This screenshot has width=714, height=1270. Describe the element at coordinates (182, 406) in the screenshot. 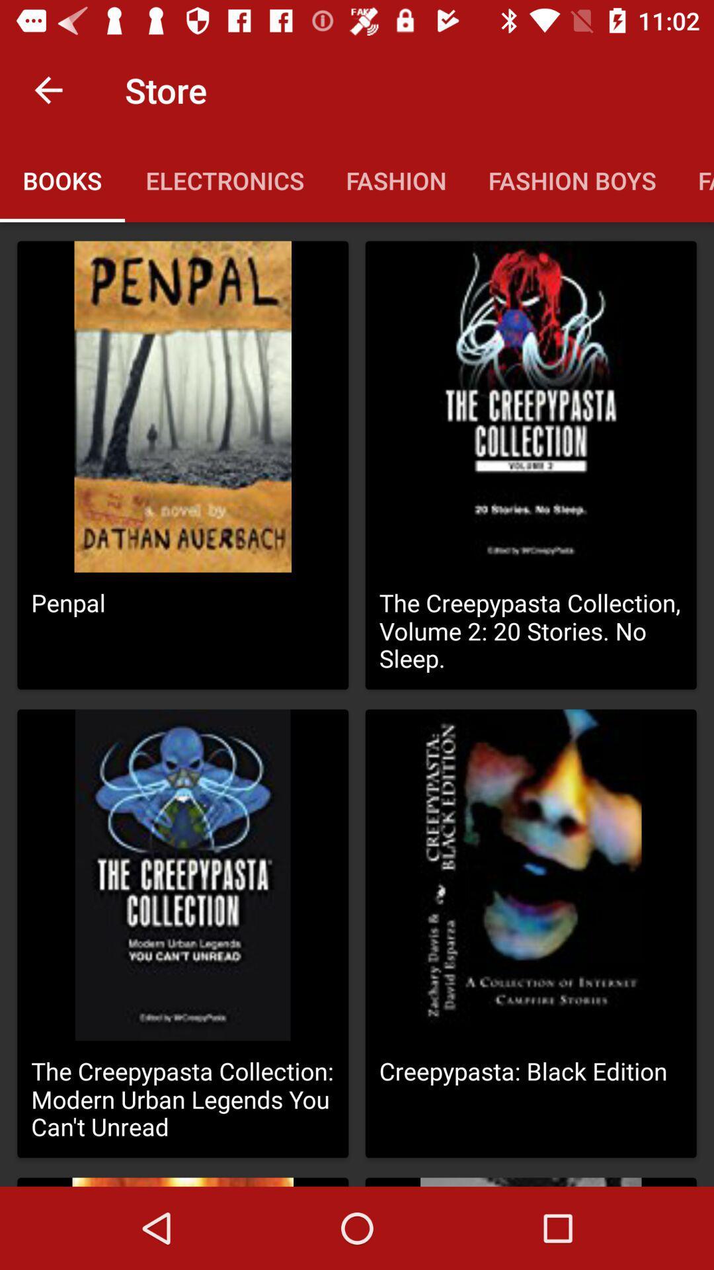

I see `the first image` at that location.